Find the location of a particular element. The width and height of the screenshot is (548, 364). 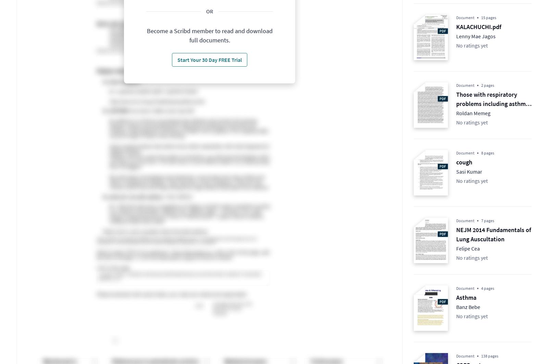

'4 pages' is located at coordinates (488, 288).